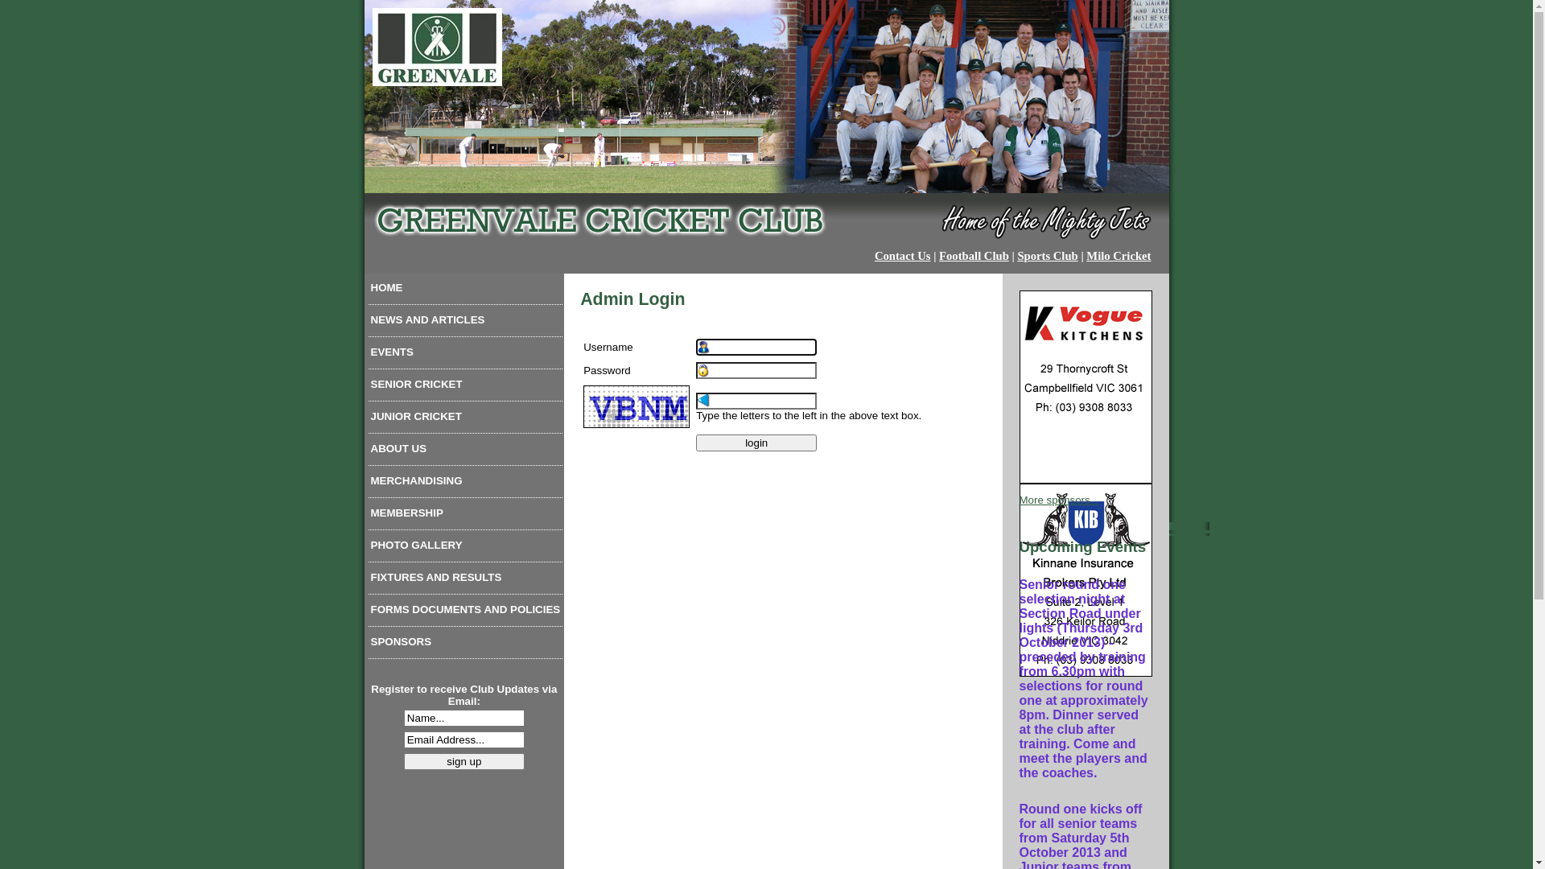  I want to click on 'login', so click(756, 443).